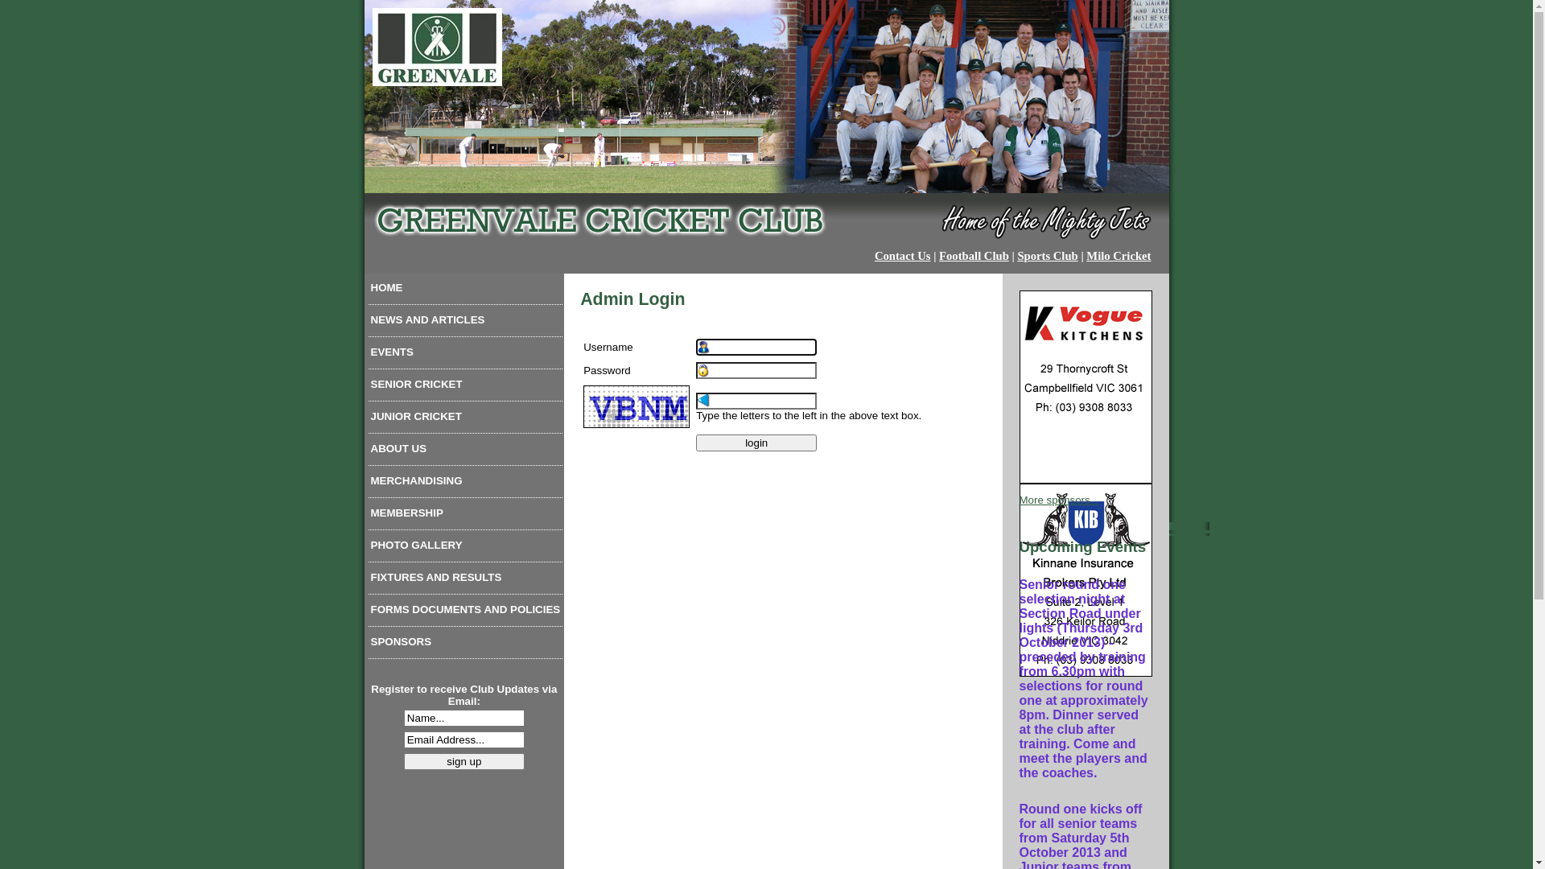  I want to click on 'login', so click(756, 443).